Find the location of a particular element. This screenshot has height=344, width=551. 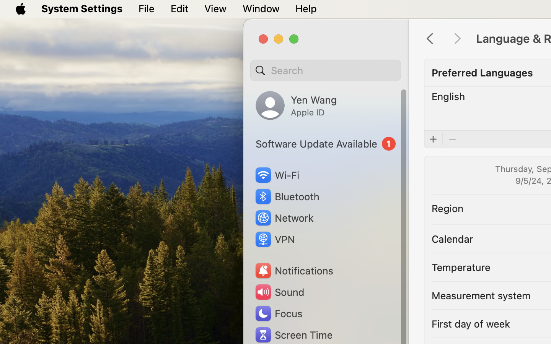

'Temperature' is located at coordinates (460, 266).